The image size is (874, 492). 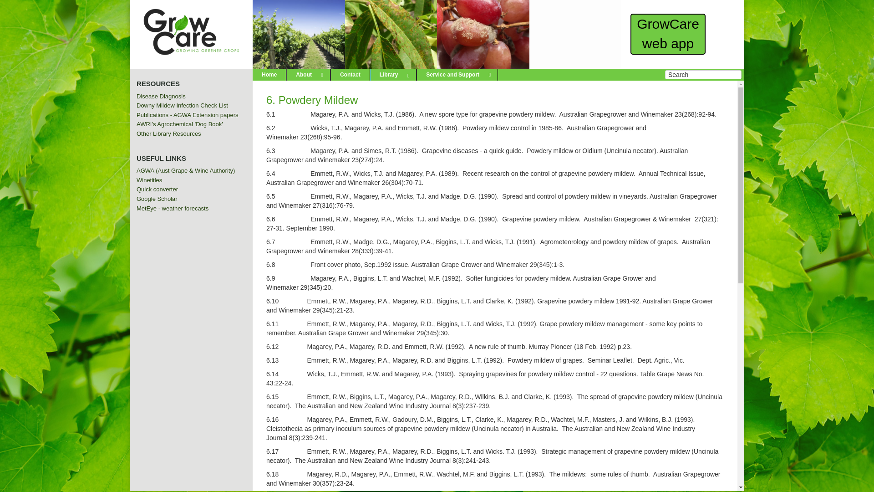 I want to click on 'Library', so click(x=393, y=74).